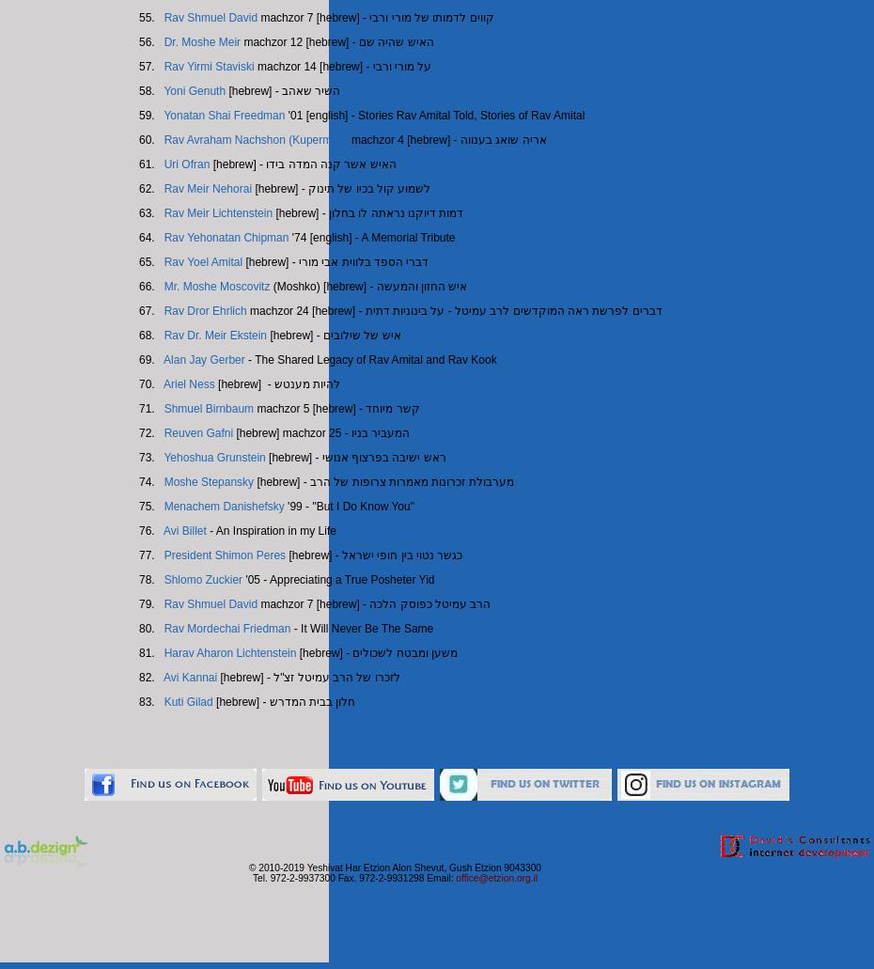 This screenshot has height=969, width=874. I want to click on 'Rav Yirmi Staviski', so click(207, 67).